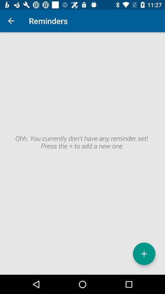 The height and width of the screenshot is (294, 165). I want to click on the add icon, so click(144, 254).